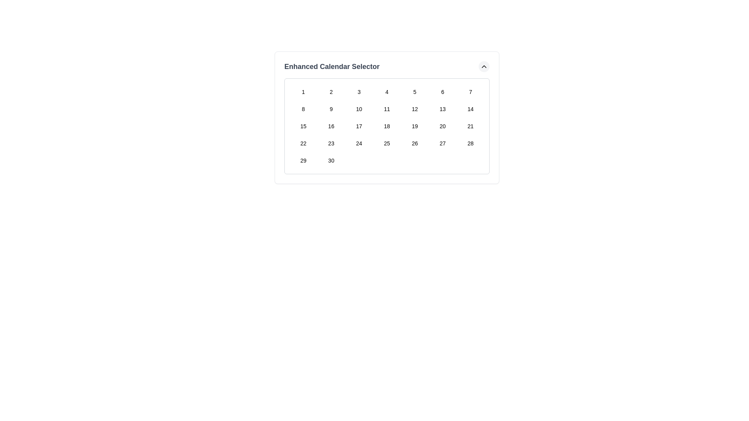  What do you see at coordinates (470, 143) in the screenshot?
I see `the button representing the date '28' in the calendar grid located in the fourth row and seventh column` at bounding box center [470, 143].